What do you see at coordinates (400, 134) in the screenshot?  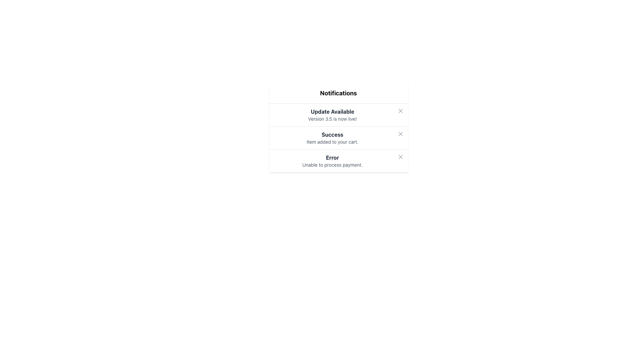 I see `the small 'X' icon button located at the far right-hand side of the 'Success' notification item` at bounding box center [400, 134].